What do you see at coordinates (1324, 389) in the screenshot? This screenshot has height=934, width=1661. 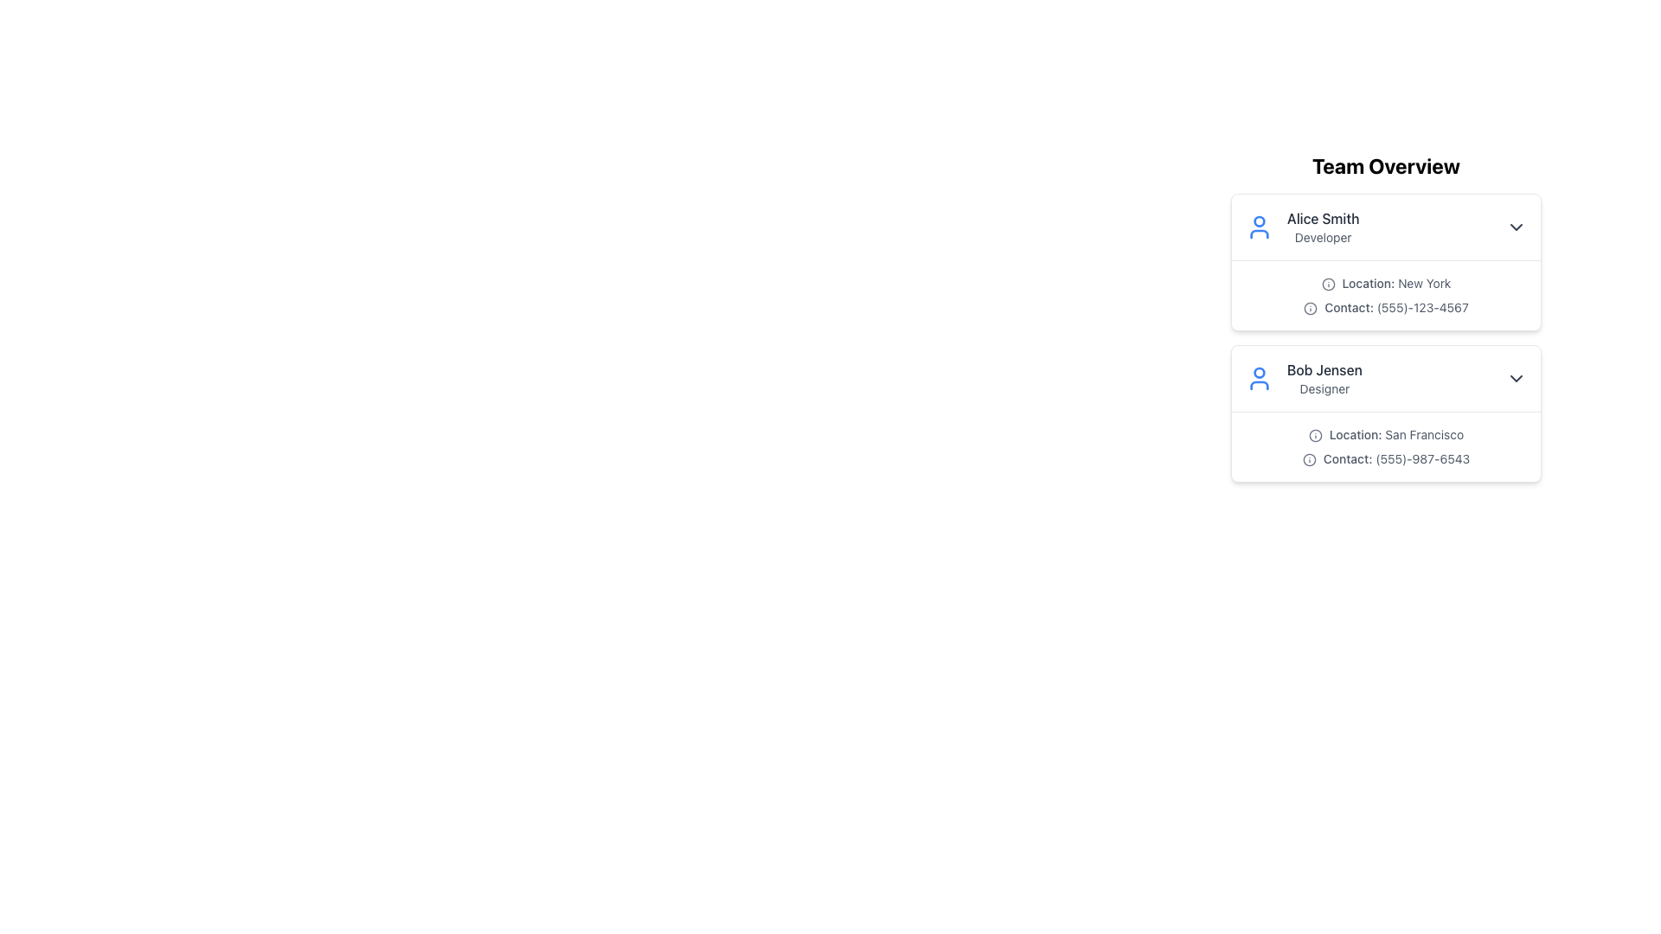 I see `the text label reading 'Designer' located below 'Bob Jensen' in the second card of the 'Team Overview' section` at bounding box center [1324, 389].